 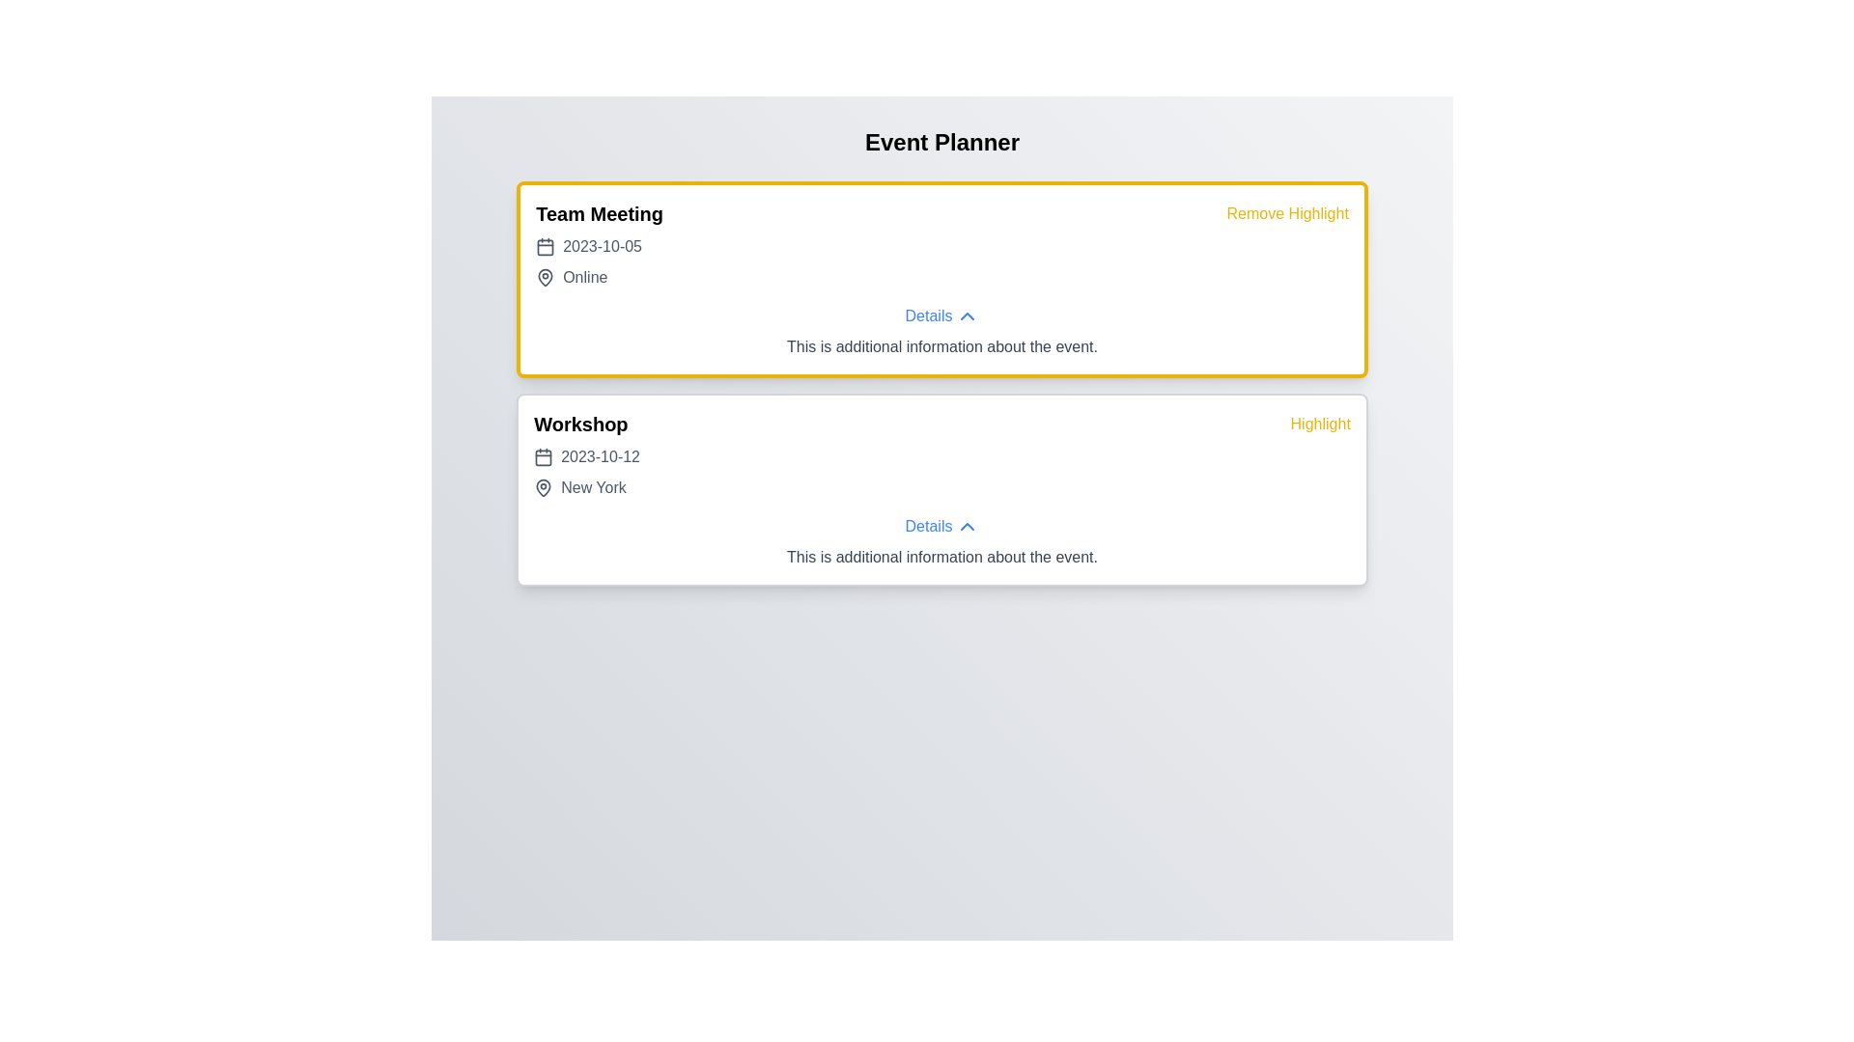 What do you see at coordinates (968, 527) in the screenshot?
I see `the chevron upward icon indicating the expandable state of the 'Details' section in the second event card for the 'Workshop' event` at bounding box center [968, 527].